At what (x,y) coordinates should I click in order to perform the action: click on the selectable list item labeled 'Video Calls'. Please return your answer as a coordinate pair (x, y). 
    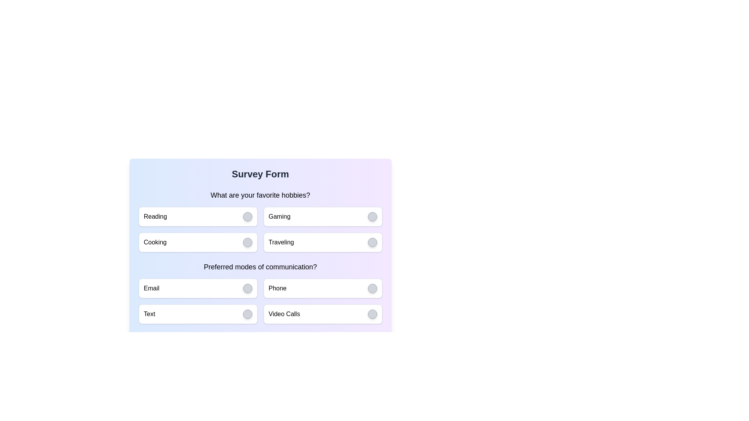
    Looking at the image, I should click on (323, 314).